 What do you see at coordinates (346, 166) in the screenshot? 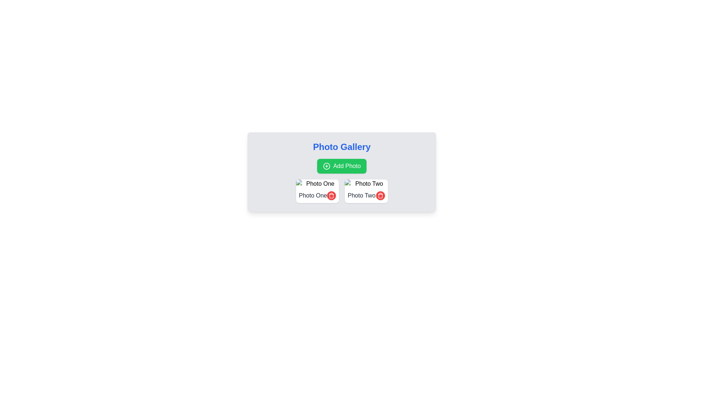
I see `the text label within the green button labeled 'Add Photo' that indicates clicking will initiate an action for adding a photo` at bounding box center [346, 166].